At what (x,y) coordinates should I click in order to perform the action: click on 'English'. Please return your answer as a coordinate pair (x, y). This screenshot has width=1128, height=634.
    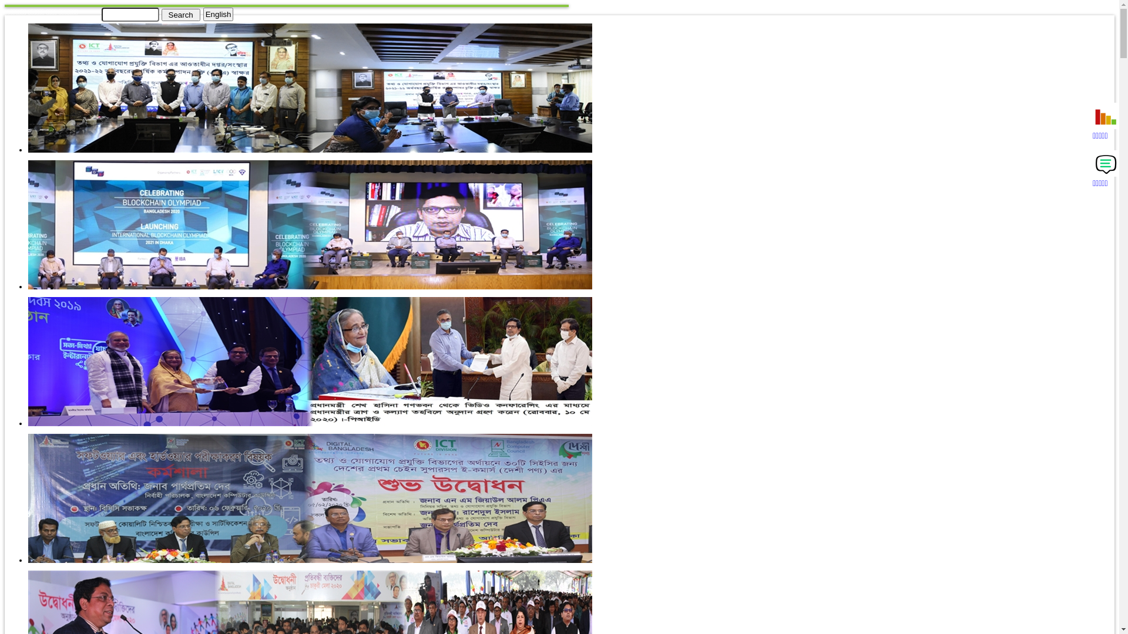
    Looking at the image, I should click on (219, 14).